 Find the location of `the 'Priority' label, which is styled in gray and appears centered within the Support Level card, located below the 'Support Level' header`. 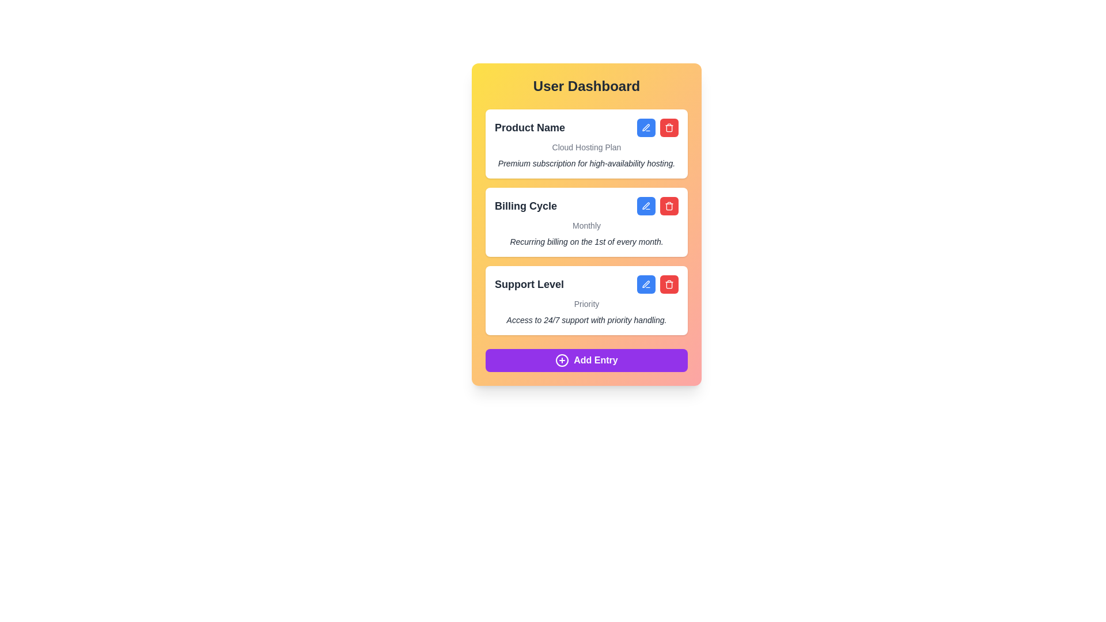

the 'Priority' label, which is styled in gray and appears centered within the Support Level card, located below the 'Support Level' header is located at coordinates (586, 304).